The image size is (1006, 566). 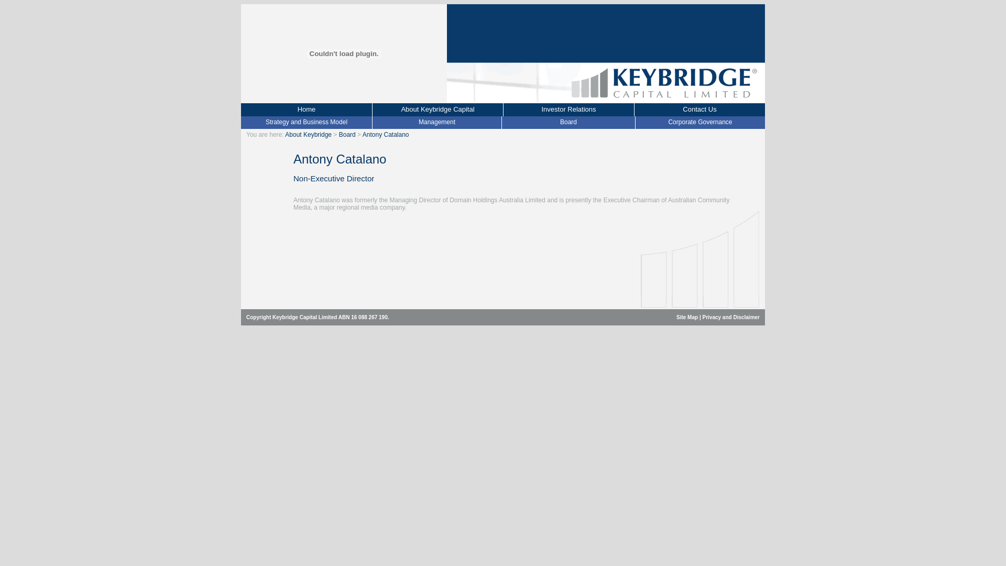 What do you see at coordinates (730, 317) in the screenshot?
I see `'Privacy and Disclaimer'` at bounding box center [730, 317].